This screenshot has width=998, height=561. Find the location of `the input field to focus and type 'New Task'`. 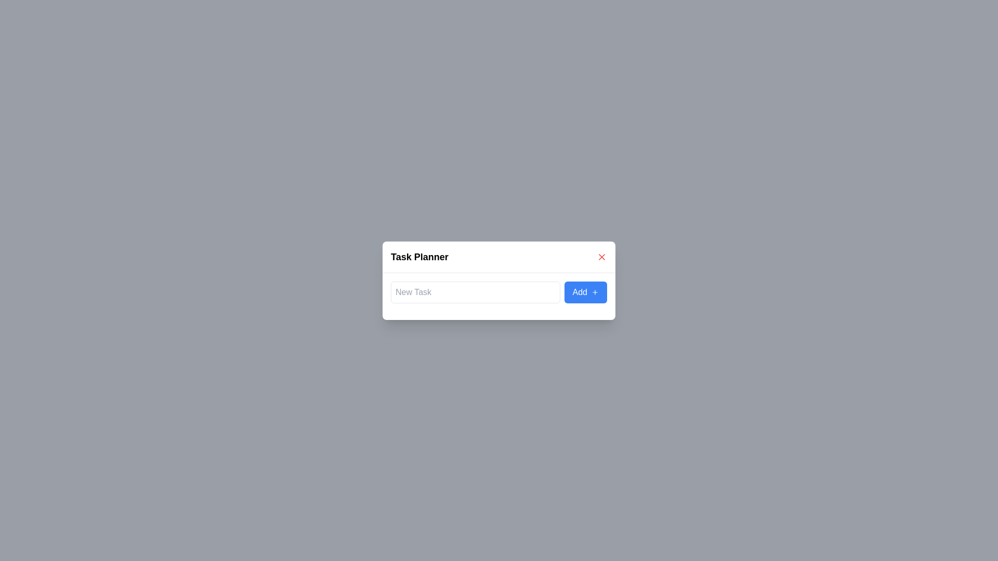

the input field to focus and type 'New Task' is located at coordinates (474, 292).